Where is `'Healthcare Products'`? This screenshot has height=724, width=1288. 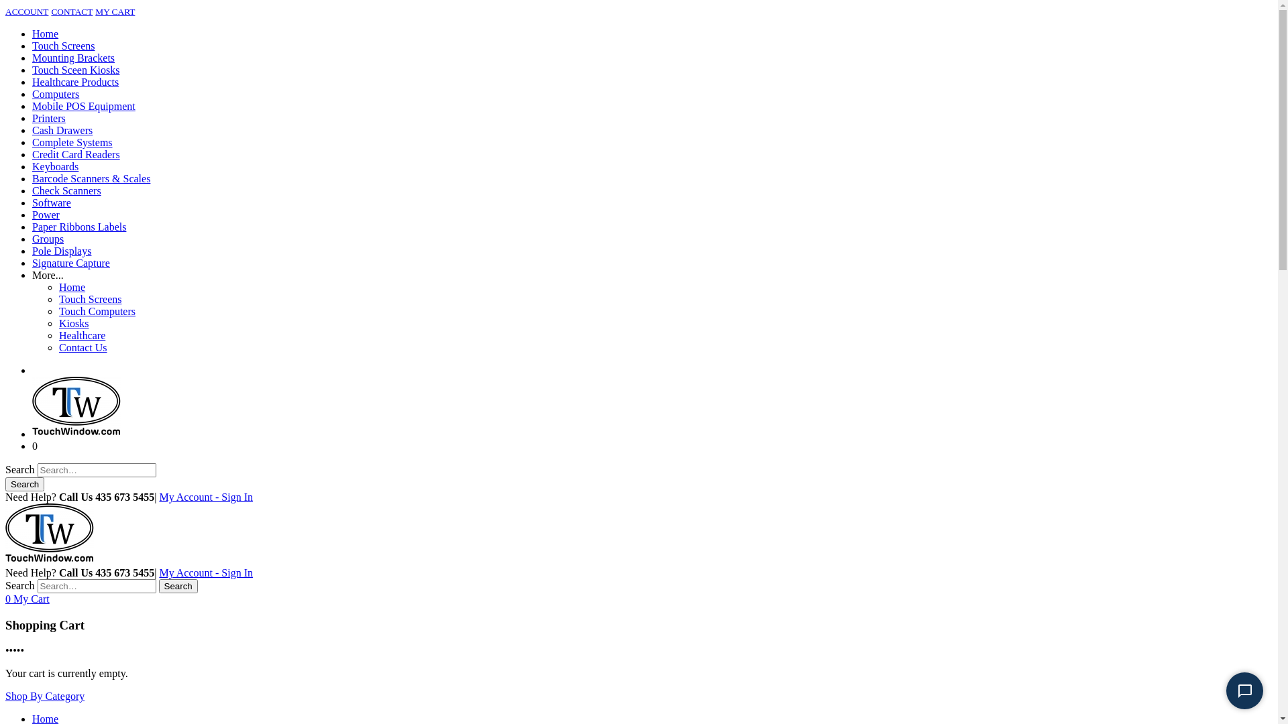 'Healthcare Products' is located at coordinates (74, 82).